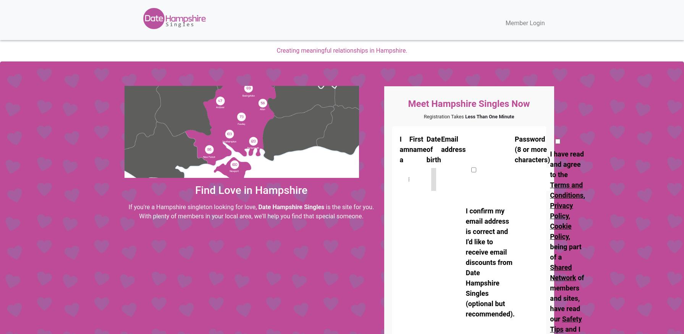 This screenshot has width=684, height=334. I want to click on 'Safety Tips', so click(565, 324).